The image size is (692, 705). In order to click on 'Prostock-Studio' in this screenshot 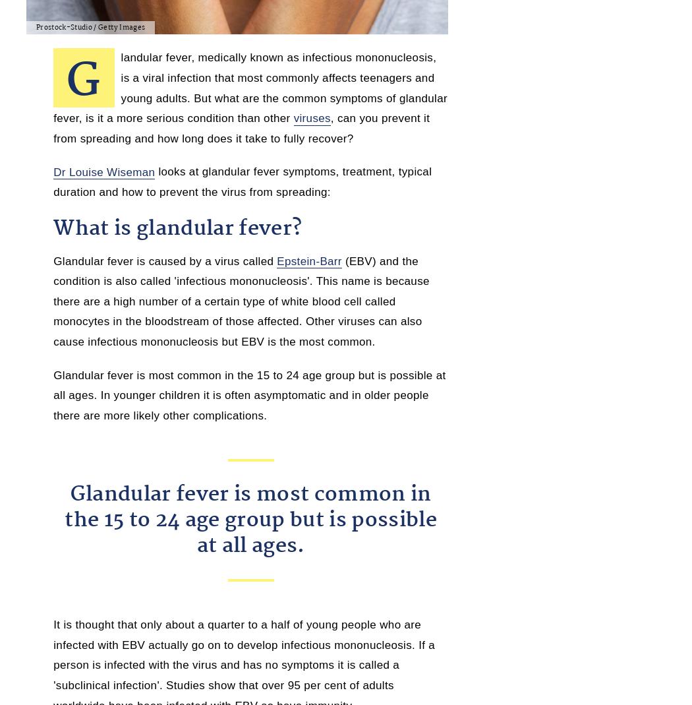, I will do `click(64, 27)`.